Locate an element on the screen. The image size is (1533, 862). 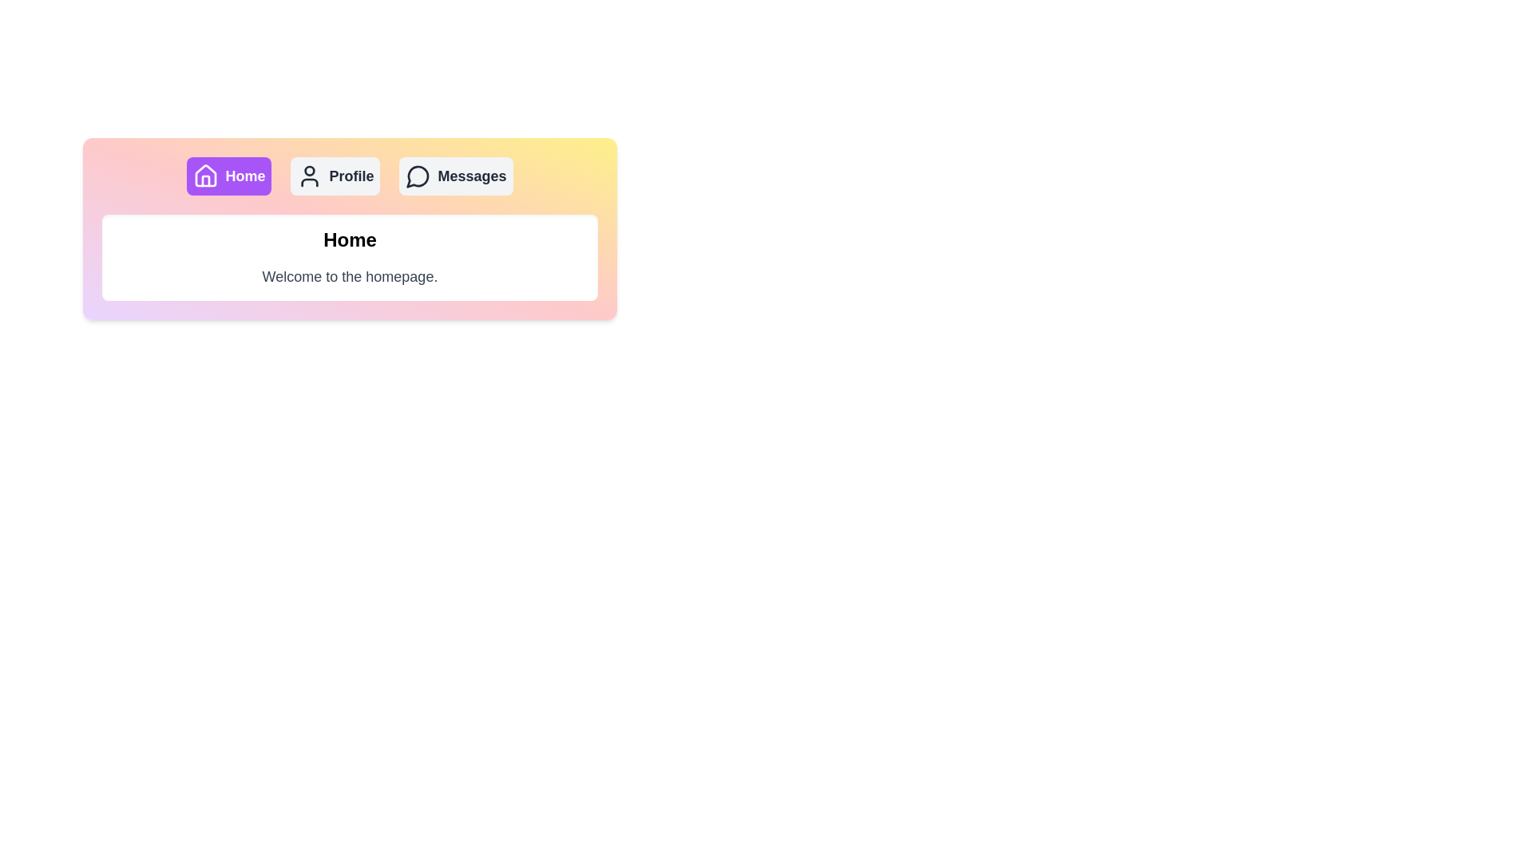
the Home tab by clicking its button is located at coordinates (228, 176).